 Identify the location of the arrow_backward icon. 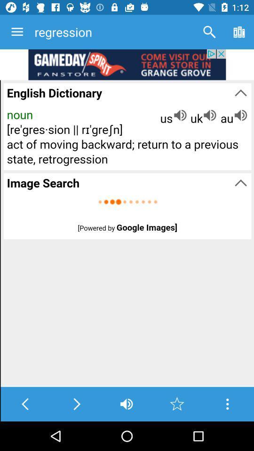
(25, 404).